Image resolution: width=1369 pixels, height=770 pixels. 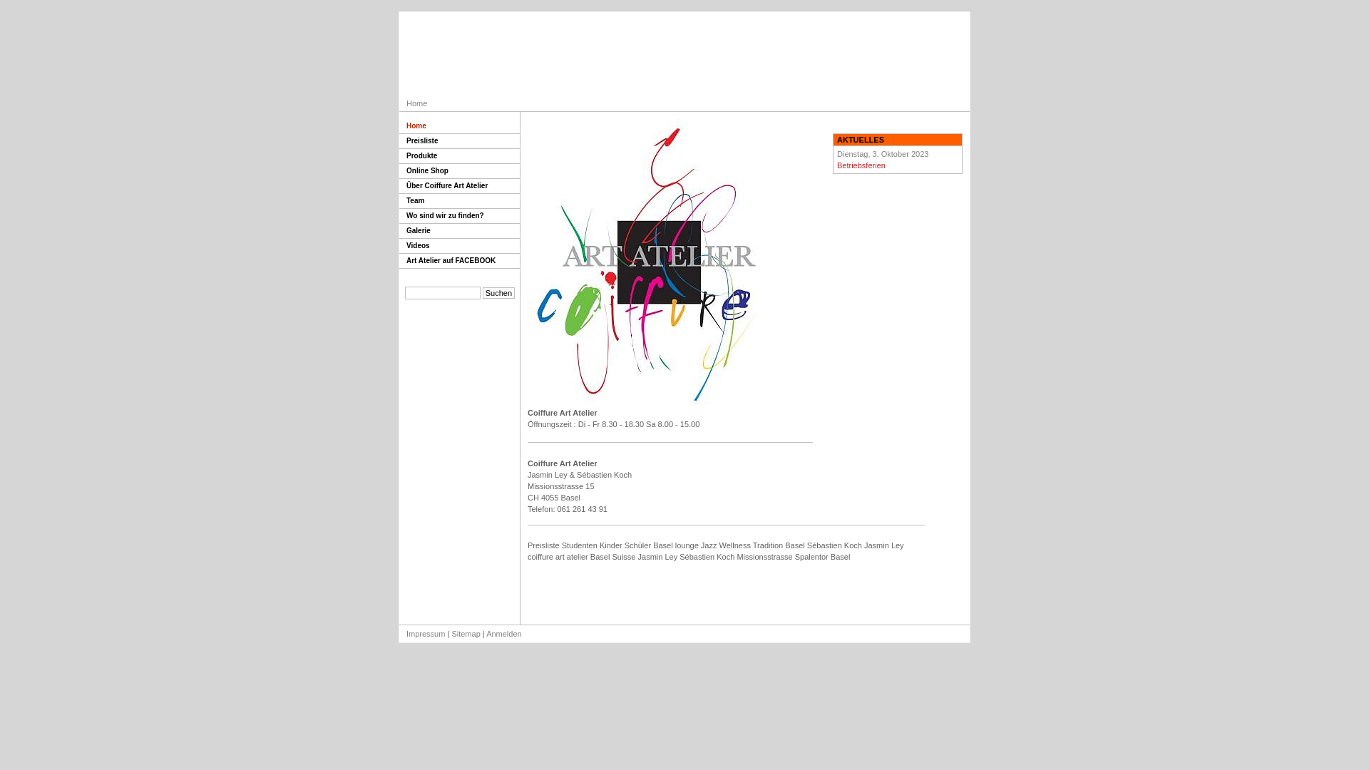 What do you see at coordinates (657, 555) in the screenshot?
I see `'Jasmin Ley'` at bounding box center [657, 555].